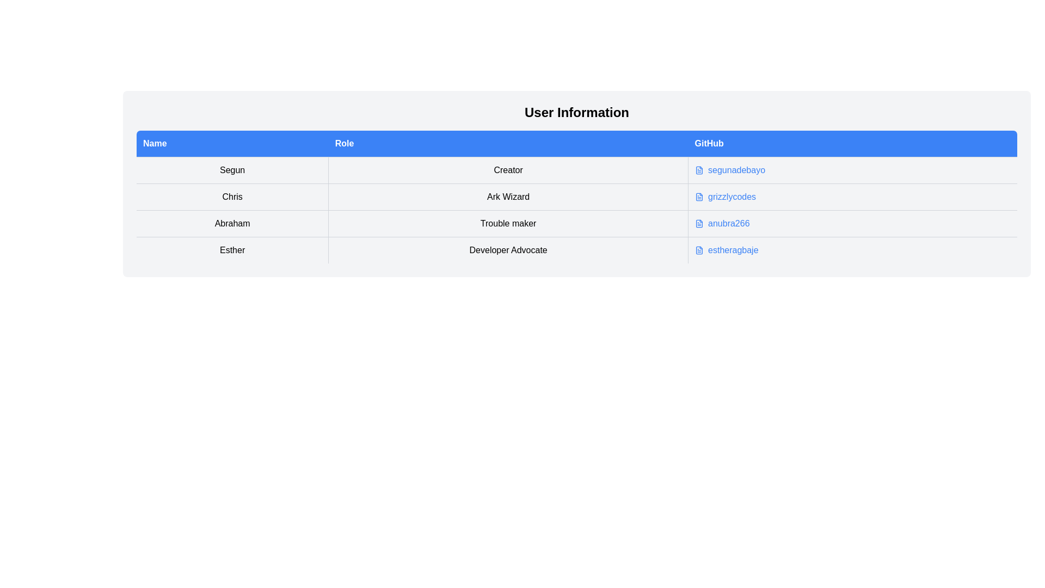  I want to click on the design of the file or document icon associated with the GitHub link for user 'estheragbaje', located in the last row of the table under the 'GitHub' column, so click(699, 250).